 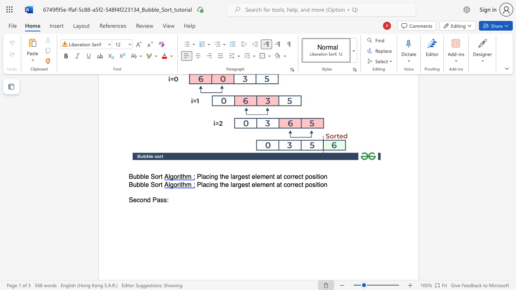 I want to click on the space between the continuous character "o" and "r" in the text, so click(x=158, y=176).